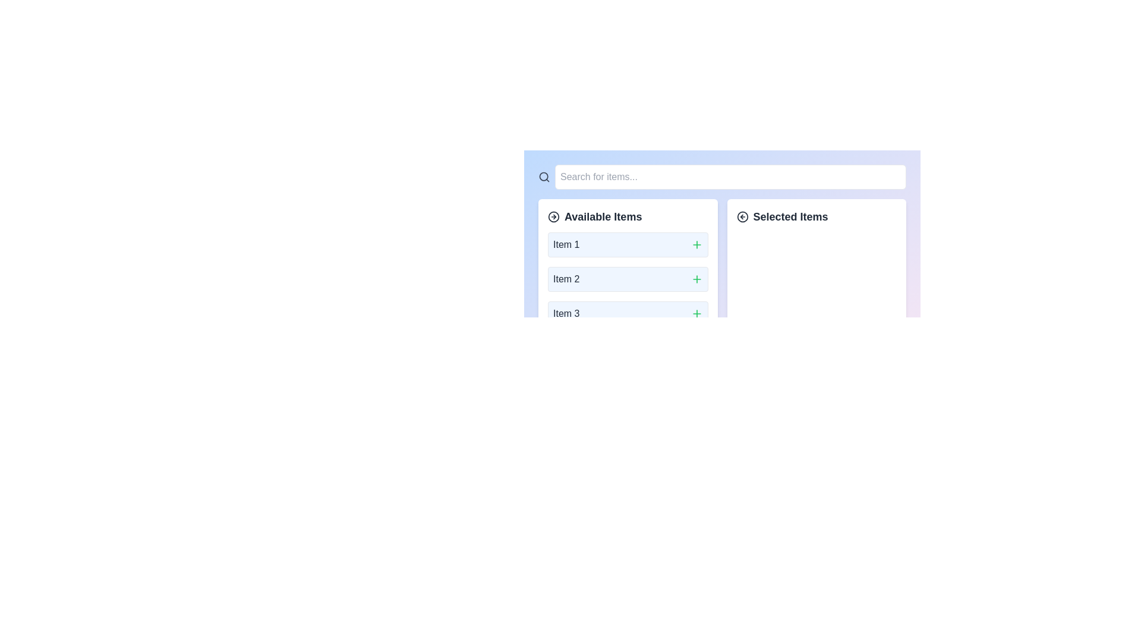 The width and height of the screenshot is (1141, 642). I want to click on the static text label 'Item 3' displayed in dark blue font color within the 'Available Items' section, located in the third row of the vertical list, so click(566, 313).